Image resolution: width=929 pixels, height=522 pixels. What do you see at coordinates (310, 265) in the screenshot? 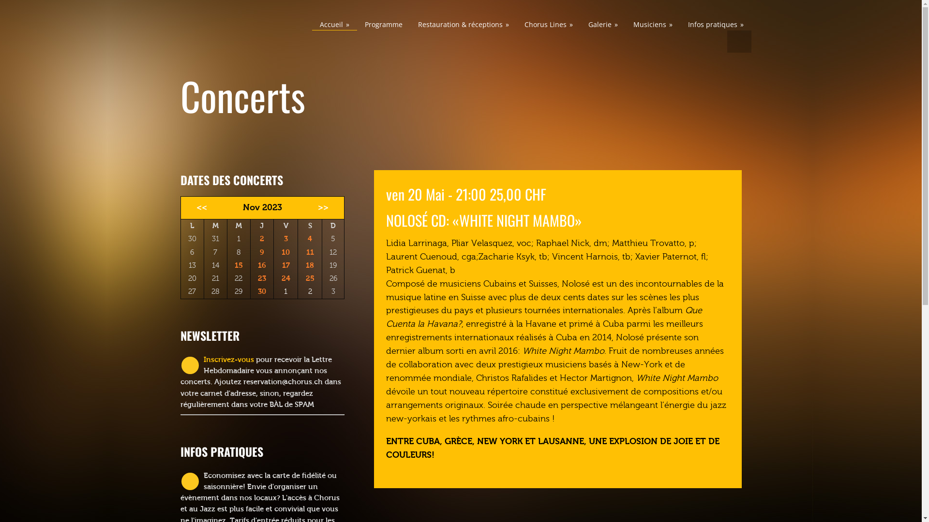
I see `'18'` at bounding box center [310, 265].